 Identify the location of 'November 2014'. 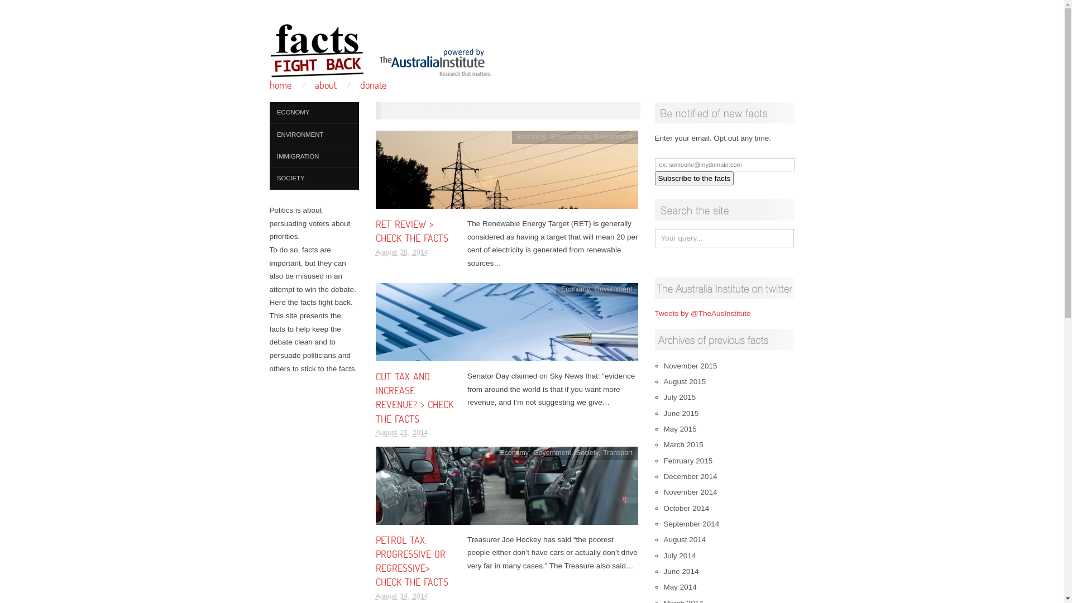
(690, 491).